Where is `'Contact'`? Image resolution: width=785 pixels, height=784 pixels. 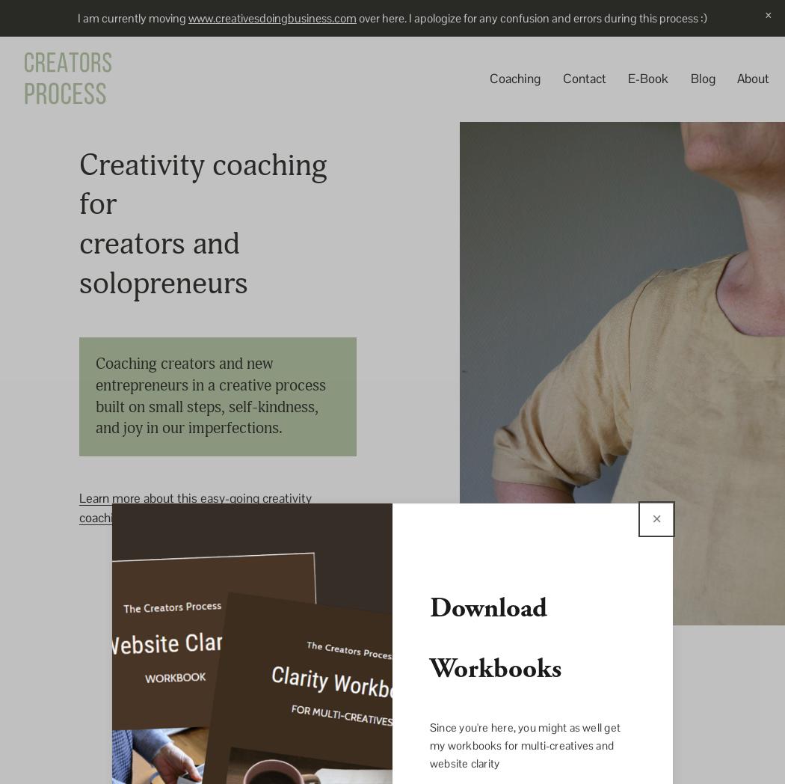
'Contact' is located at coordinates (583, 78).